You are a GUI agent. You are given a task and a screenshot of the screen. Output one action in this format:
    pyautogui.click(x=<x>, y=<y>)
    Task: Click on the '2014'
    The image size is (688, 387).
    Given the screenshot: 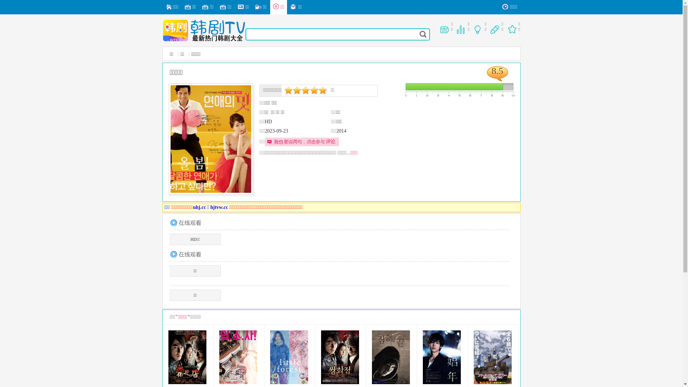 What is the action you would take?
    pyautogui.click(x=341, y=131)
    